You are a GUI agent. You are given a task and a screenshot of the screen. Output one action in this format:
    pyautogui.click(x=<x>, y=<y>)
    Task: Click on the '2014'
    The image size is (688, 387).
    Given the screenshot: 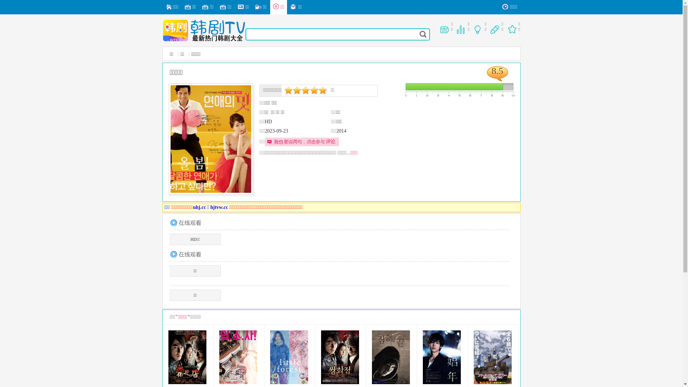 What is the action you would take?
    pyautogui.click(x=341, y=131)
    